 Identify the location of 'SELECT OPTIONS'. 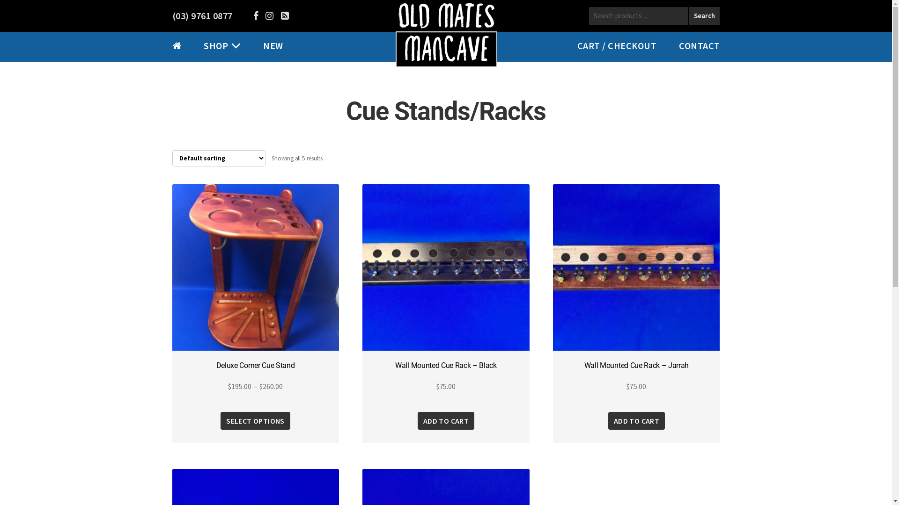
(255, 420).